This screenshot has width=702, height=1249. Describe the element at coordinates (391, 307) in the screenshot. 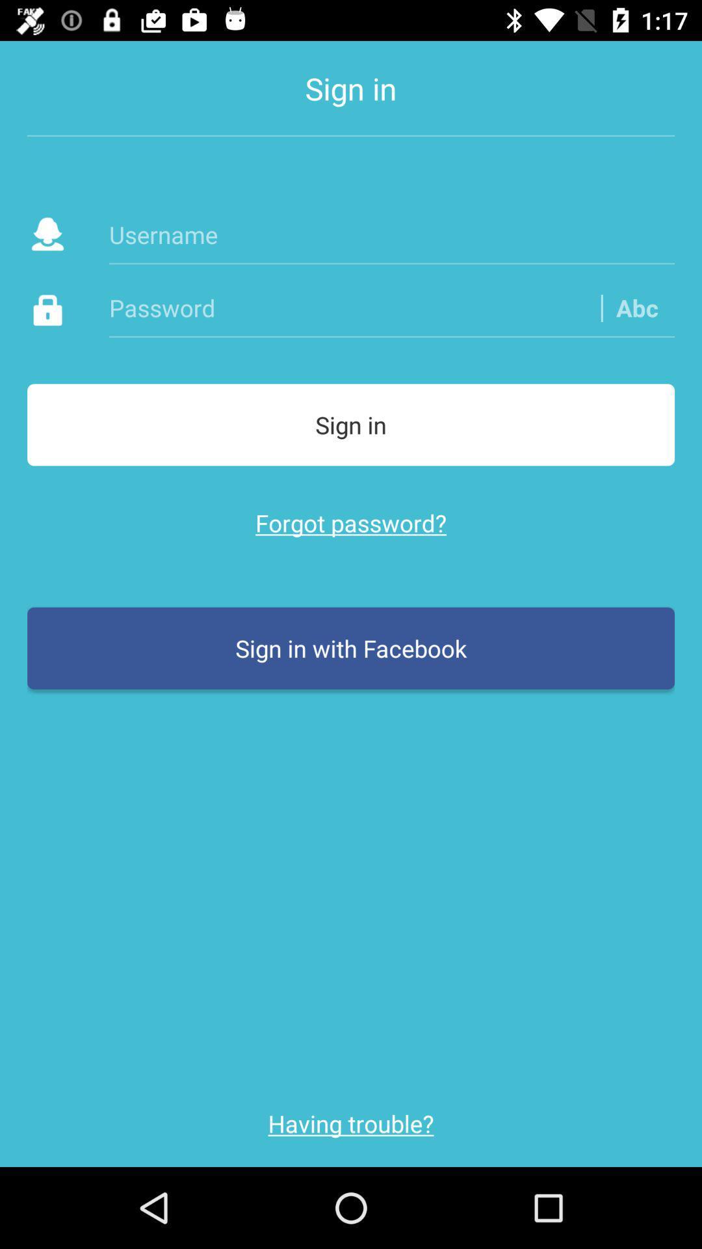

I see `the item above sign in icon` at that location.